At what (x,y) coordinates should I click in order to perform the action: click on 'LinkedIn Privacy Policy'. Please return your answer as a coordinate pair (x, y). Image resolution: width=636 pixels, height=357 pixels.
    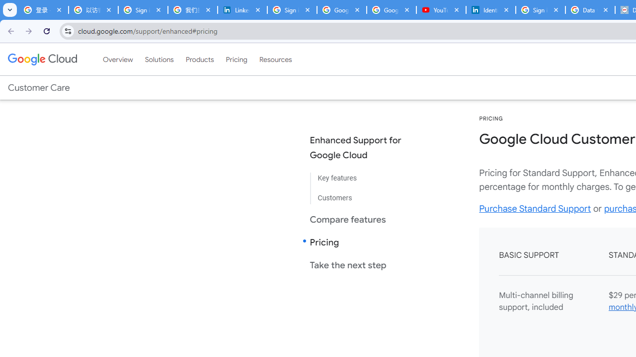
    Looking at the image, I should click on (242, 10).